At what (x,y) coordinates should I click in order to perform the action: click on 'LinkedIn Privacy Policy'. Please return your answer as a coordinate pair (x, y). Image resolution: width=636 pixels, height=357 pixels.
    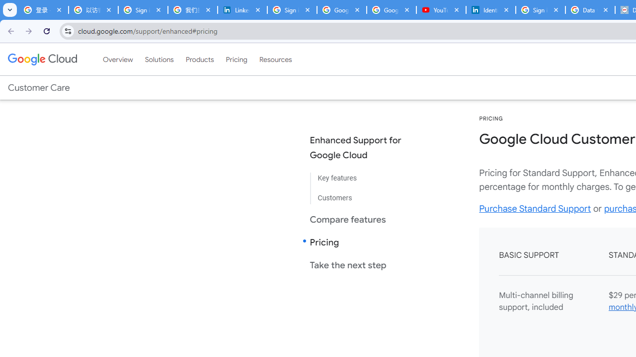
    Looking at the image, I should click on (242, 10).